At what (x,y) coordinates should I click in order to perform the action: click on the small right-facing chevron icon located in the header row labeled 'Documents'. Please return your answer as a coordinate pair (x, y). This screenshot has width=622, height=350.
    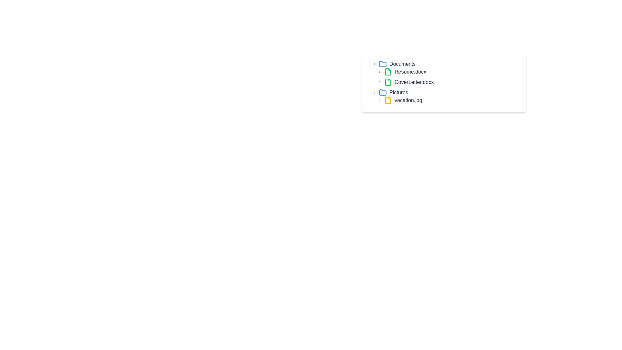
    Looking at the image, I should click on (374, 64).